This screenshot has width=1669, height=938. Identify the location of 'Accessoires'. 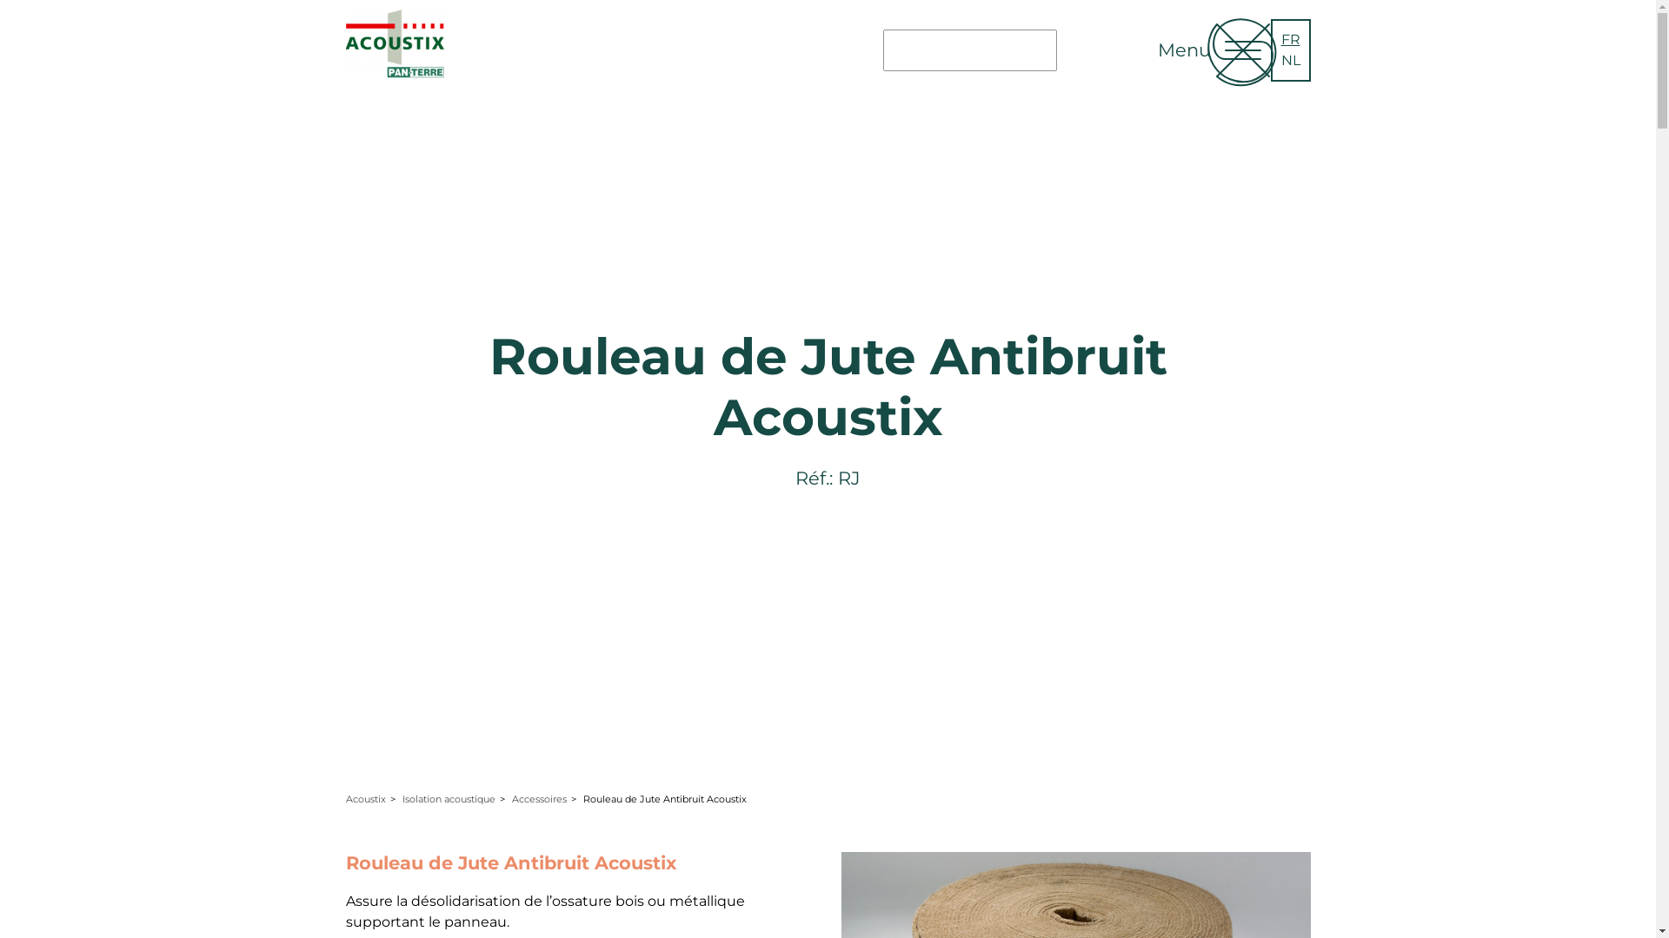
(537, 799).